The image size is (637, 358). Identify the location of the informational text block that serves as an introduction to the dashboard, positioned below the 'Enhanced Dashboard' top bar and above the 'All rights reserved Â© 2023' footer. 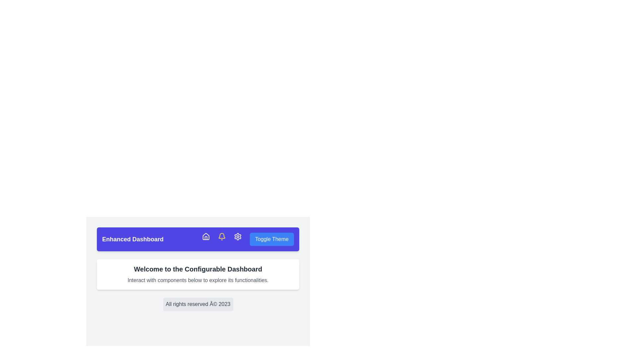
(197, 274).